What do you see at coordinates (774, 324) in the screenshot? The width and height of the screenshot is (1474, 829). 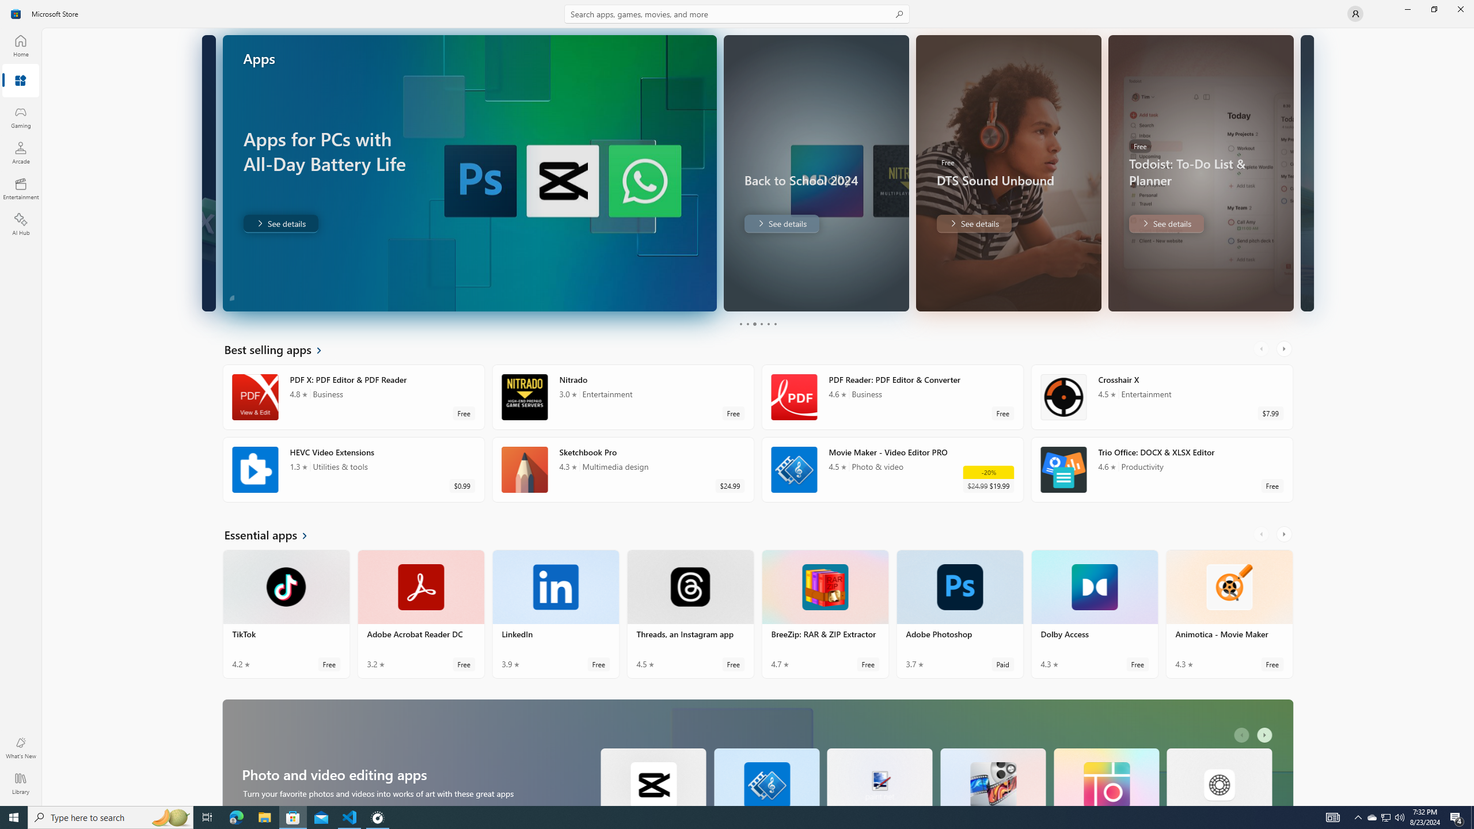 I see `'Page 6'` at bounding box center [774, 324].